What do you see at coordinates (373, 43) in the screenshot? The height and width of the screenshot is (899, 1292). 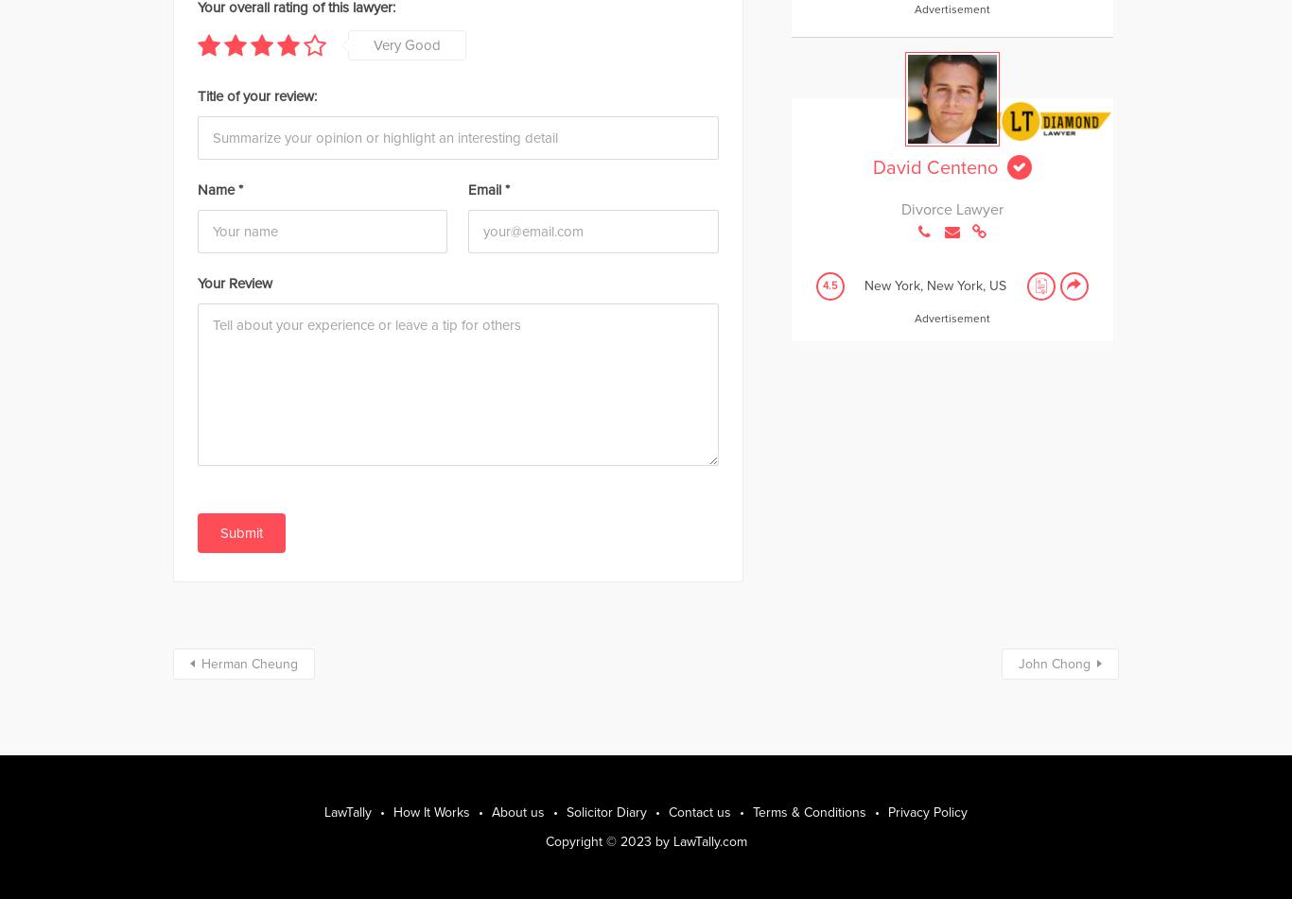 I see `'Very Good'` at bounding box center [373, 43].